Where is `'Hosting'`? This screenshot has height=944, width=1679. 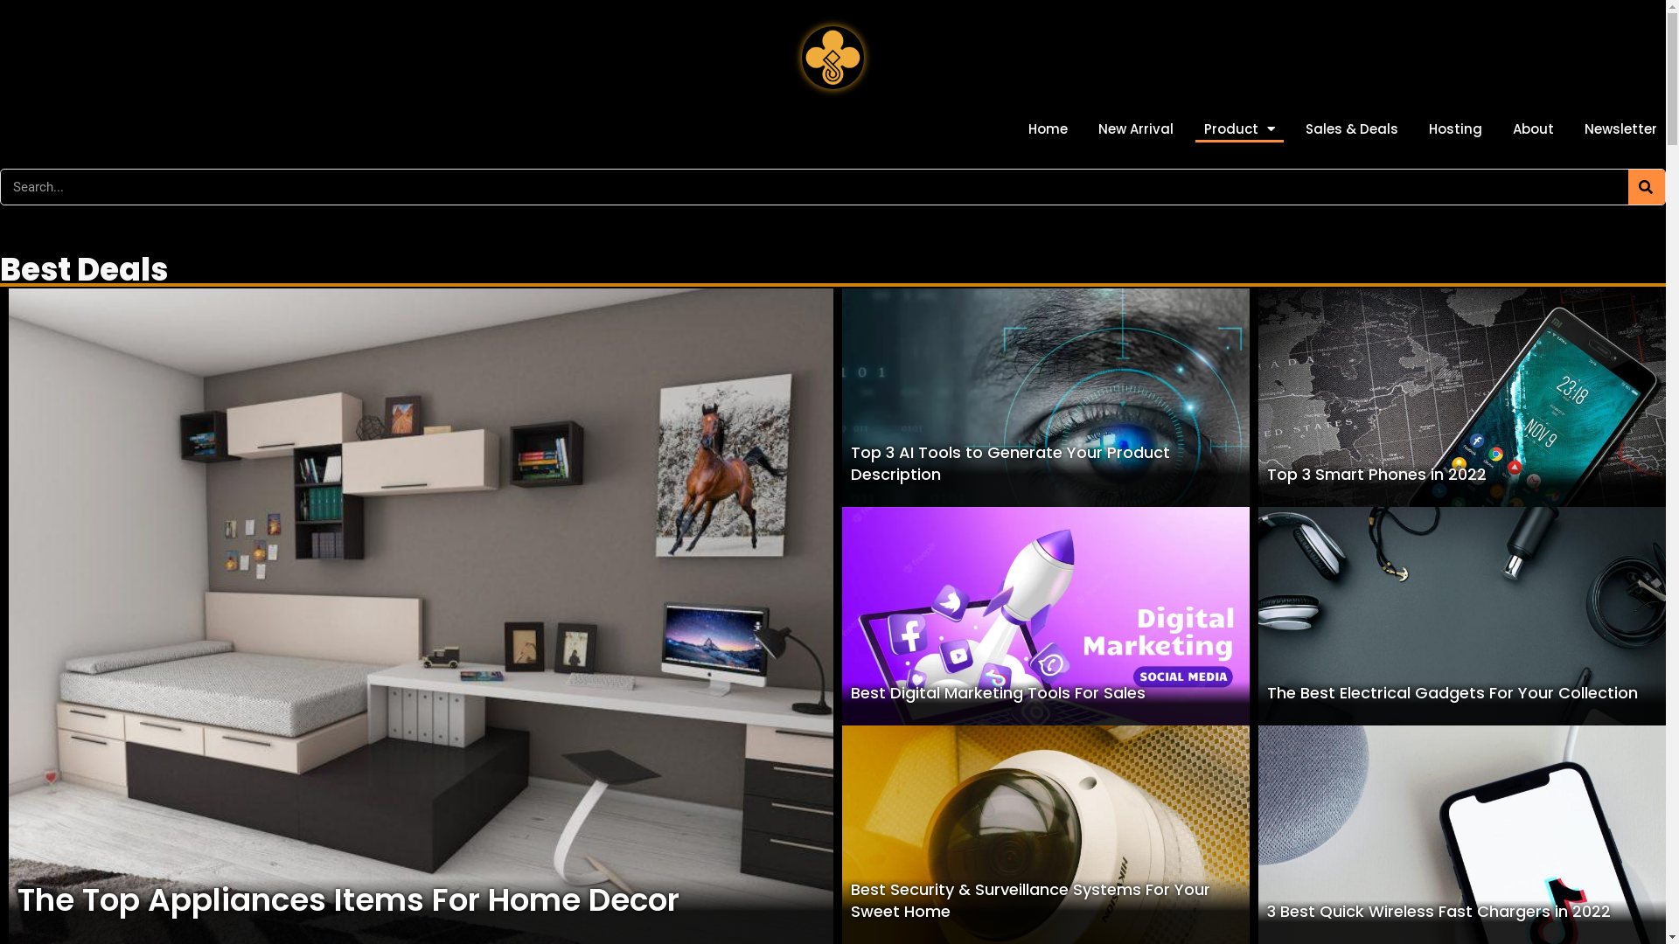 'Hosting' is located at coordinates (1455, 128).